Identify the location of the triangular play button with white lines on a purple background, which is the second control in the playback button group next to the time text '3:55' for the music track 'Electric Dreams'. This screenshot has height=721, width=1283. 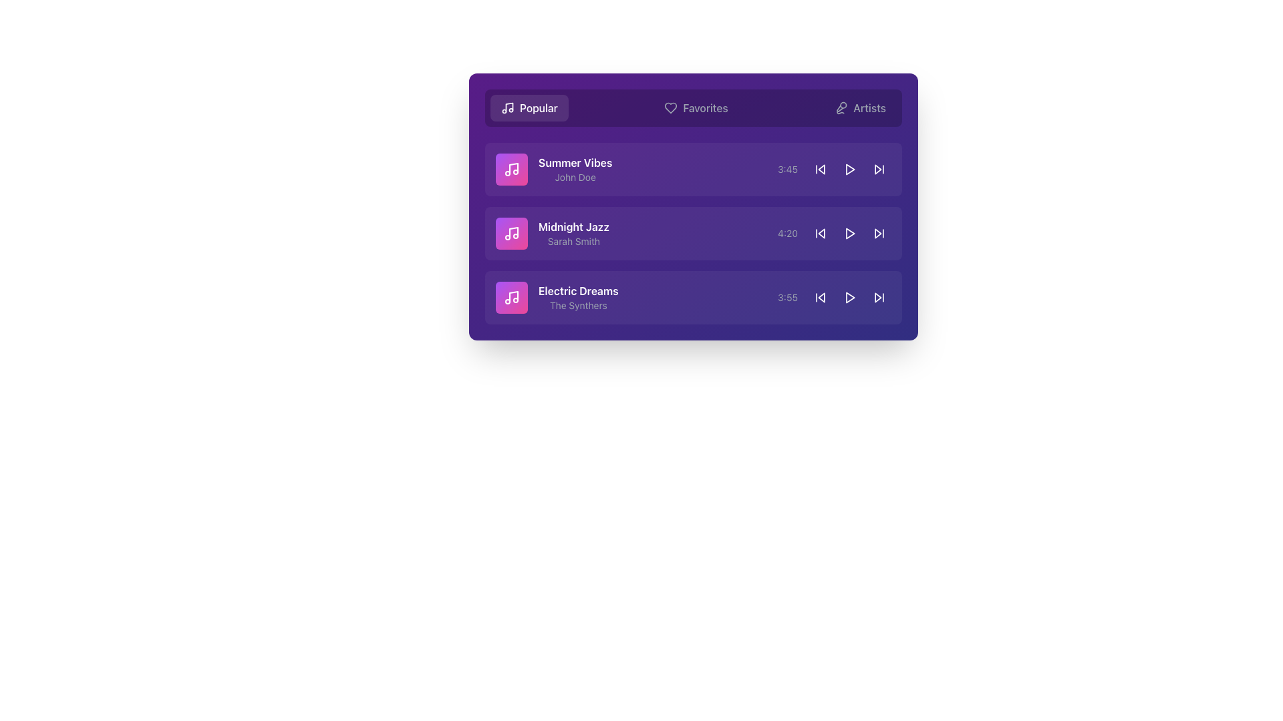
(849, 297).